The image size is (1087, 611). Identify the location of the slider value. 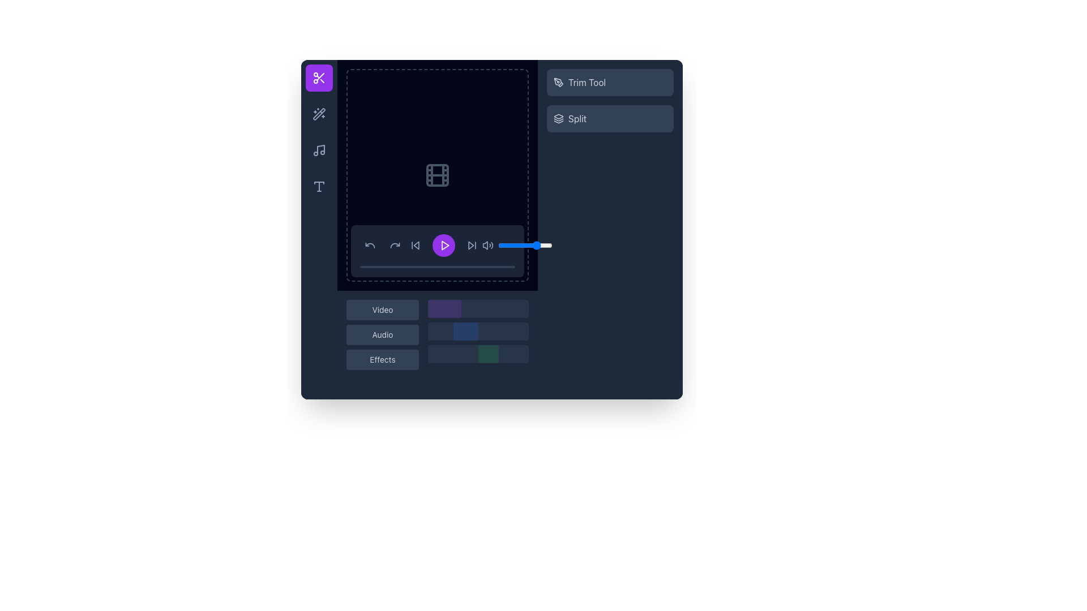
(549, 245).